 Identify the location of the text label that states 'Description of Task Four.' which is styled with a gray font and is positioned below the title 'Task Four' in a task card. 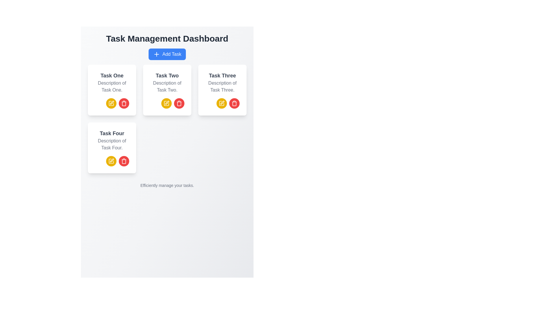
(112, 144).